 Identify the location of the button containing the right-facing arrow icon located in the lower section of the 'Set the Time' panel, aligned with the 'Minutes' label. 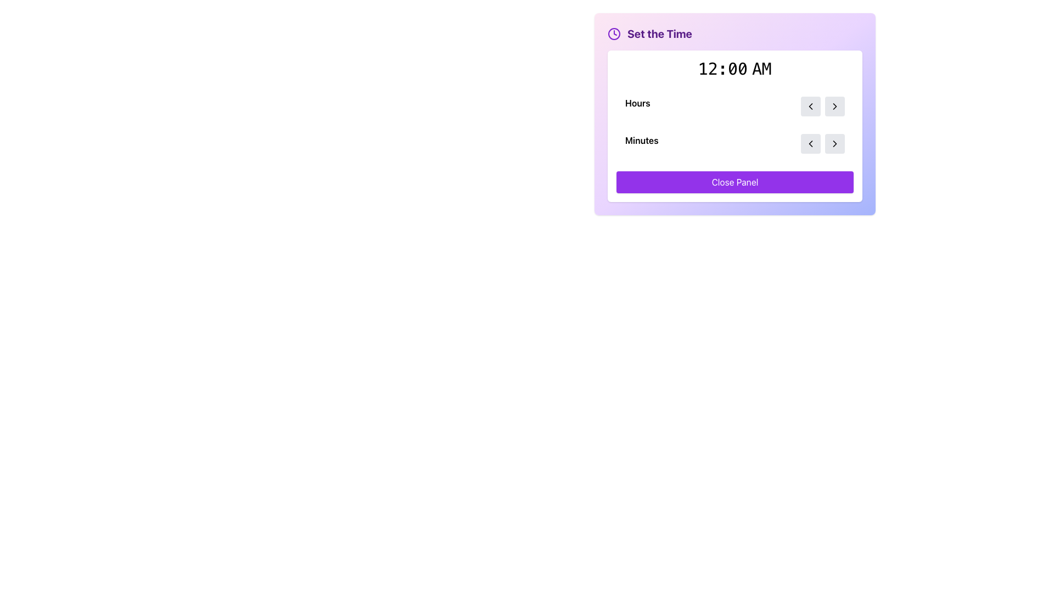
(834, 143).